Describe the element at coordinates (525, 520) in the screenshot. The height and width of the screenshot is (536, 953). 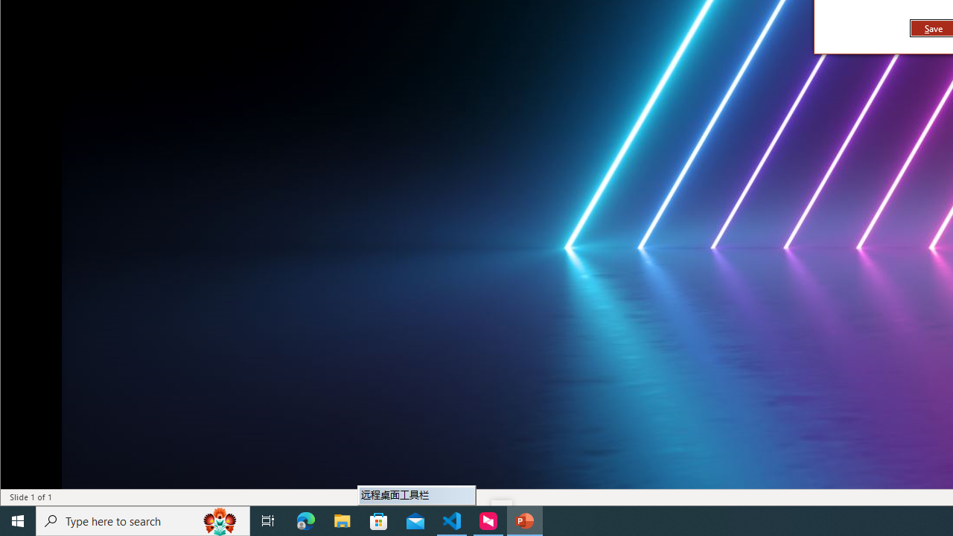
I see `'PowerPoint - 1 running window'` at that location.